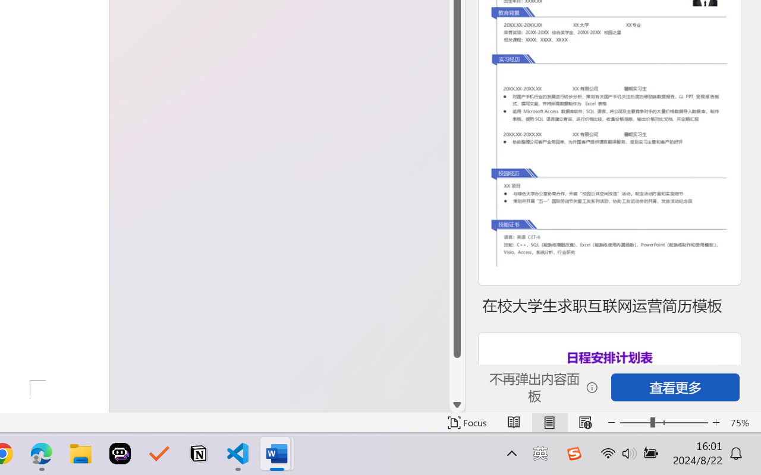 This screenshot has width=761, height=475. What do you see at coordinates (467, 422) in the screenshot?
I see `'Focus '` at bounding box center [467, 422].